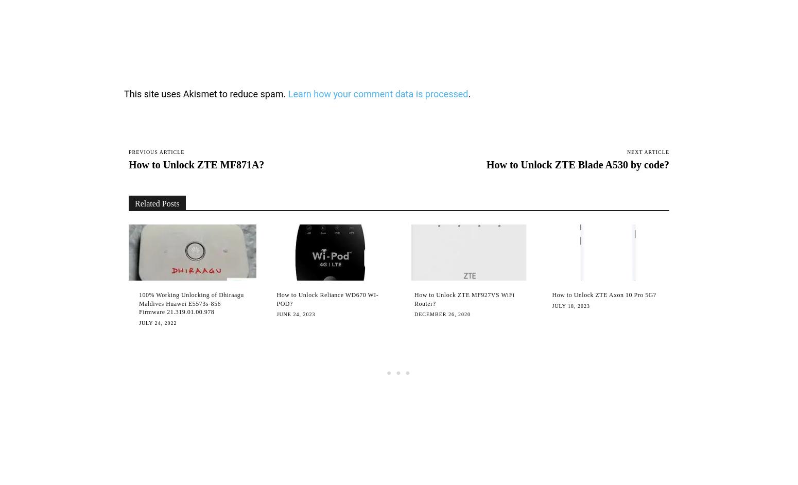 This screenshot has width=798, height=485. Describe the element at coordinates (604, 294) in the screenshot. I see `'How to Unlock ZTE Axon 10 Pro 5G?'` at that location.